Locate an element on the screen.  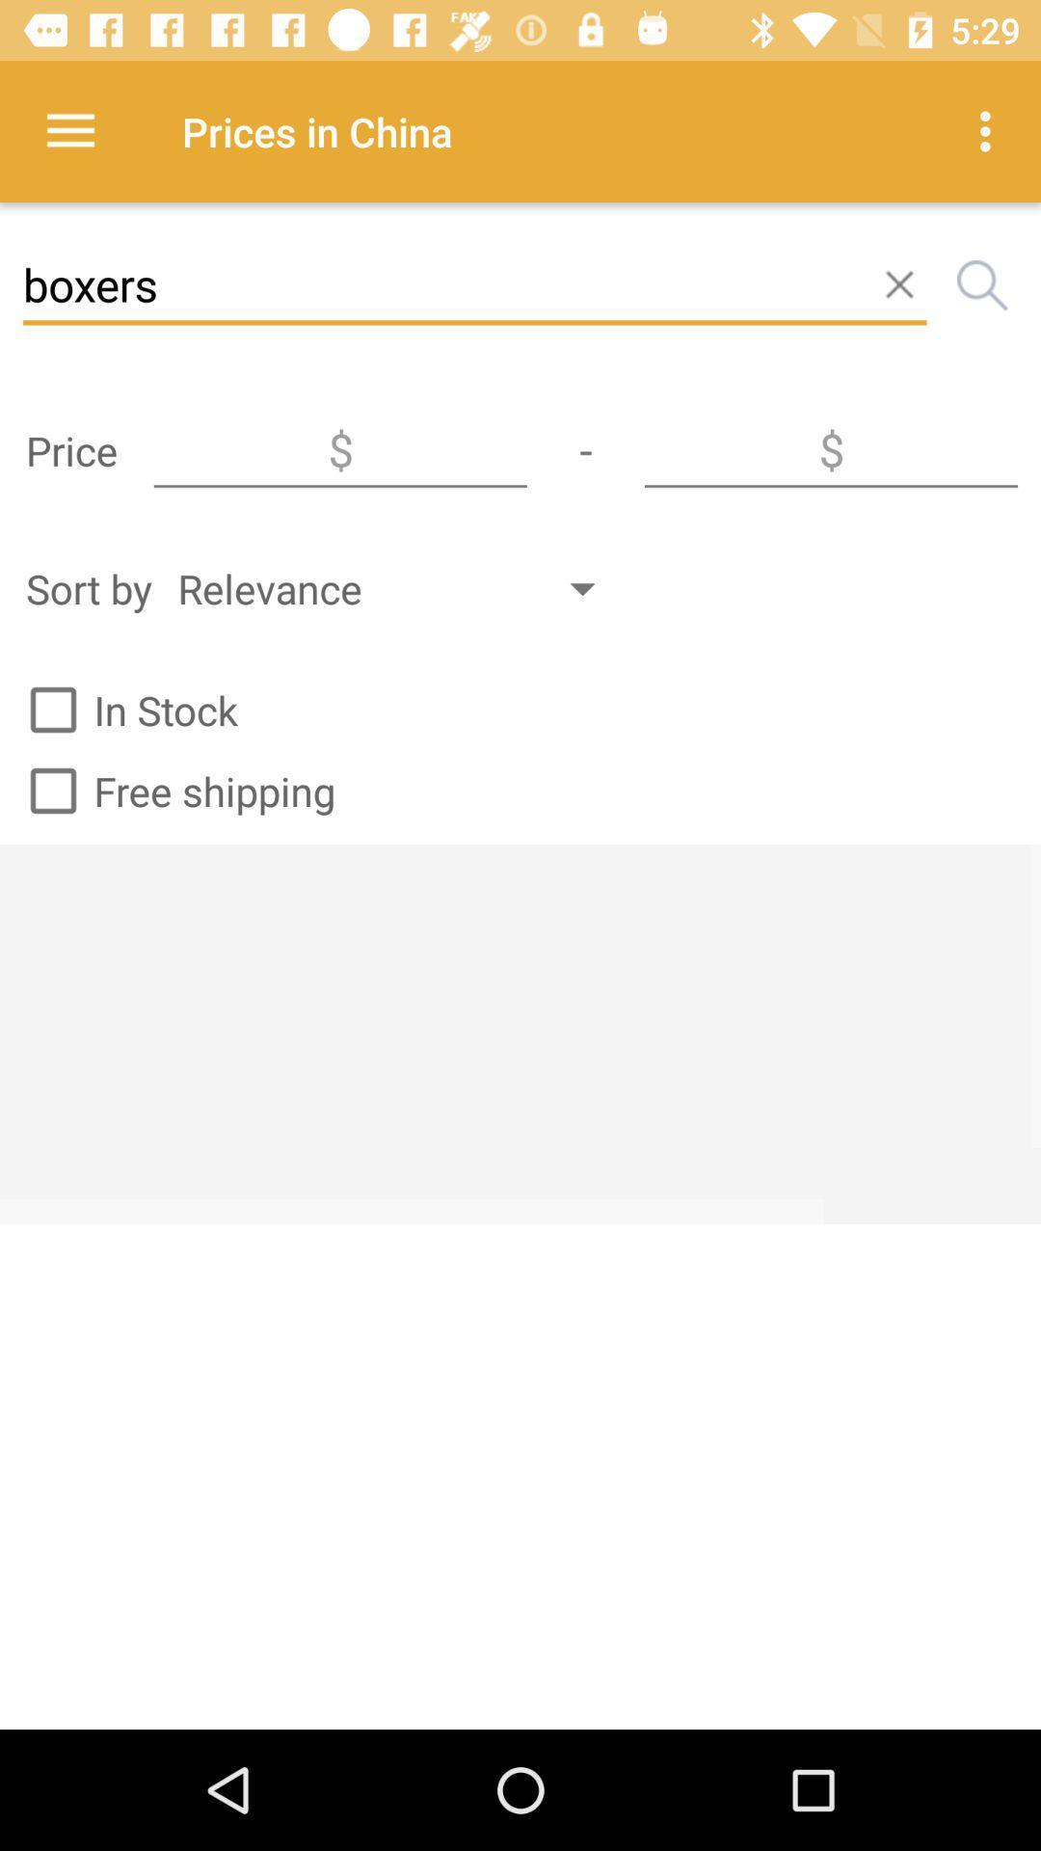
activate search is located at coordinates (982, 284).